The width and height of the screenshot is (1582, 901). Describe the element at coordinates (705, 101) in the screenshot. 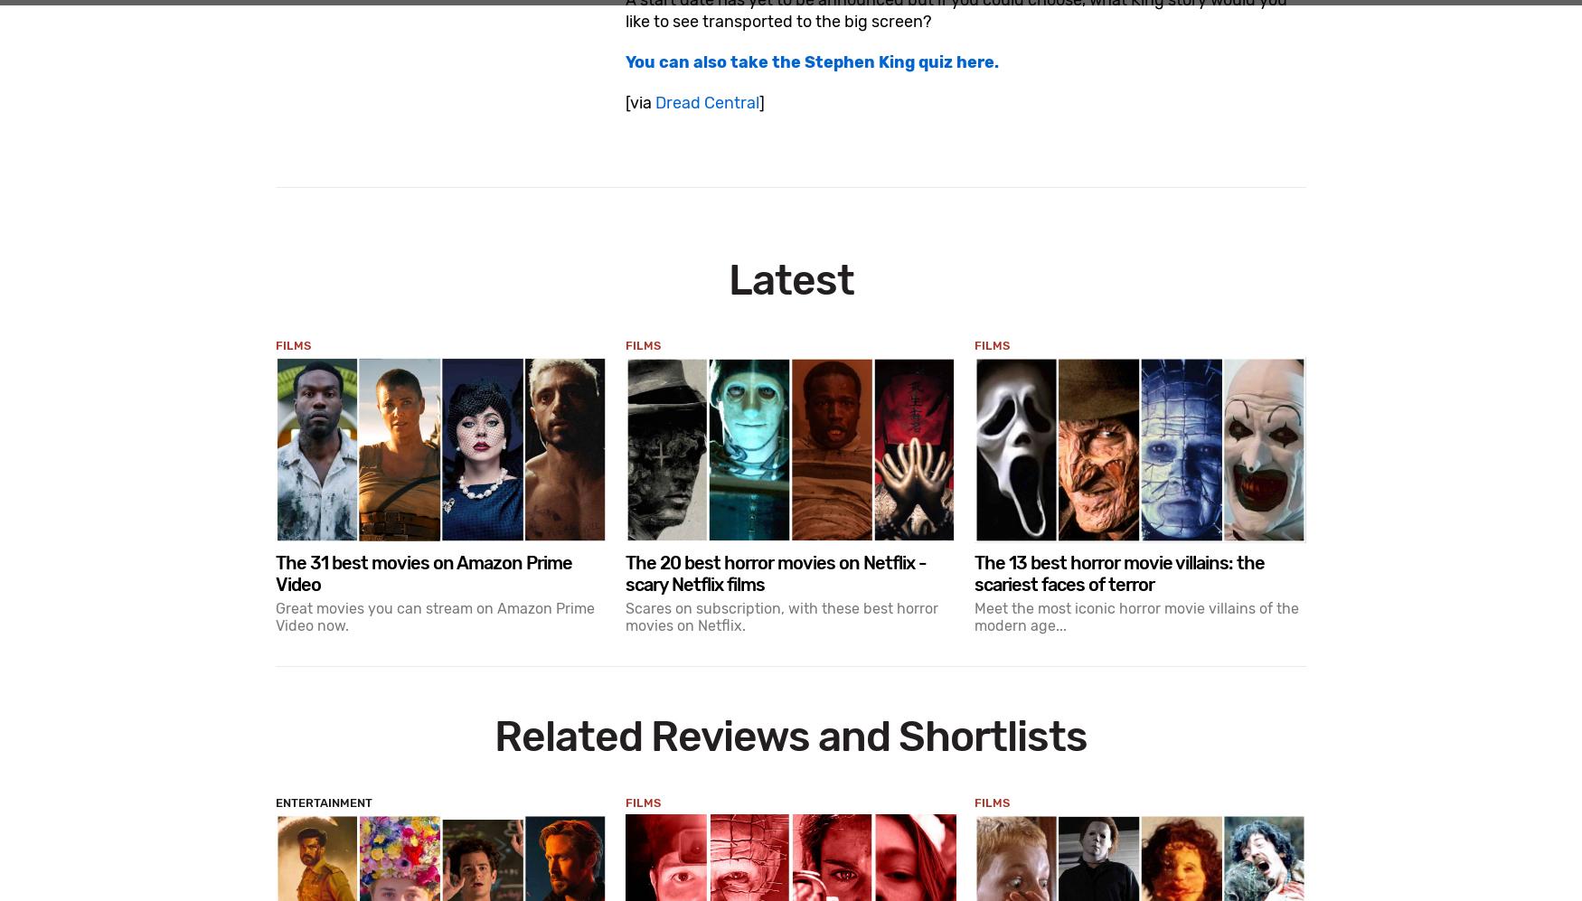

I see `'Dread Central'` at that location.